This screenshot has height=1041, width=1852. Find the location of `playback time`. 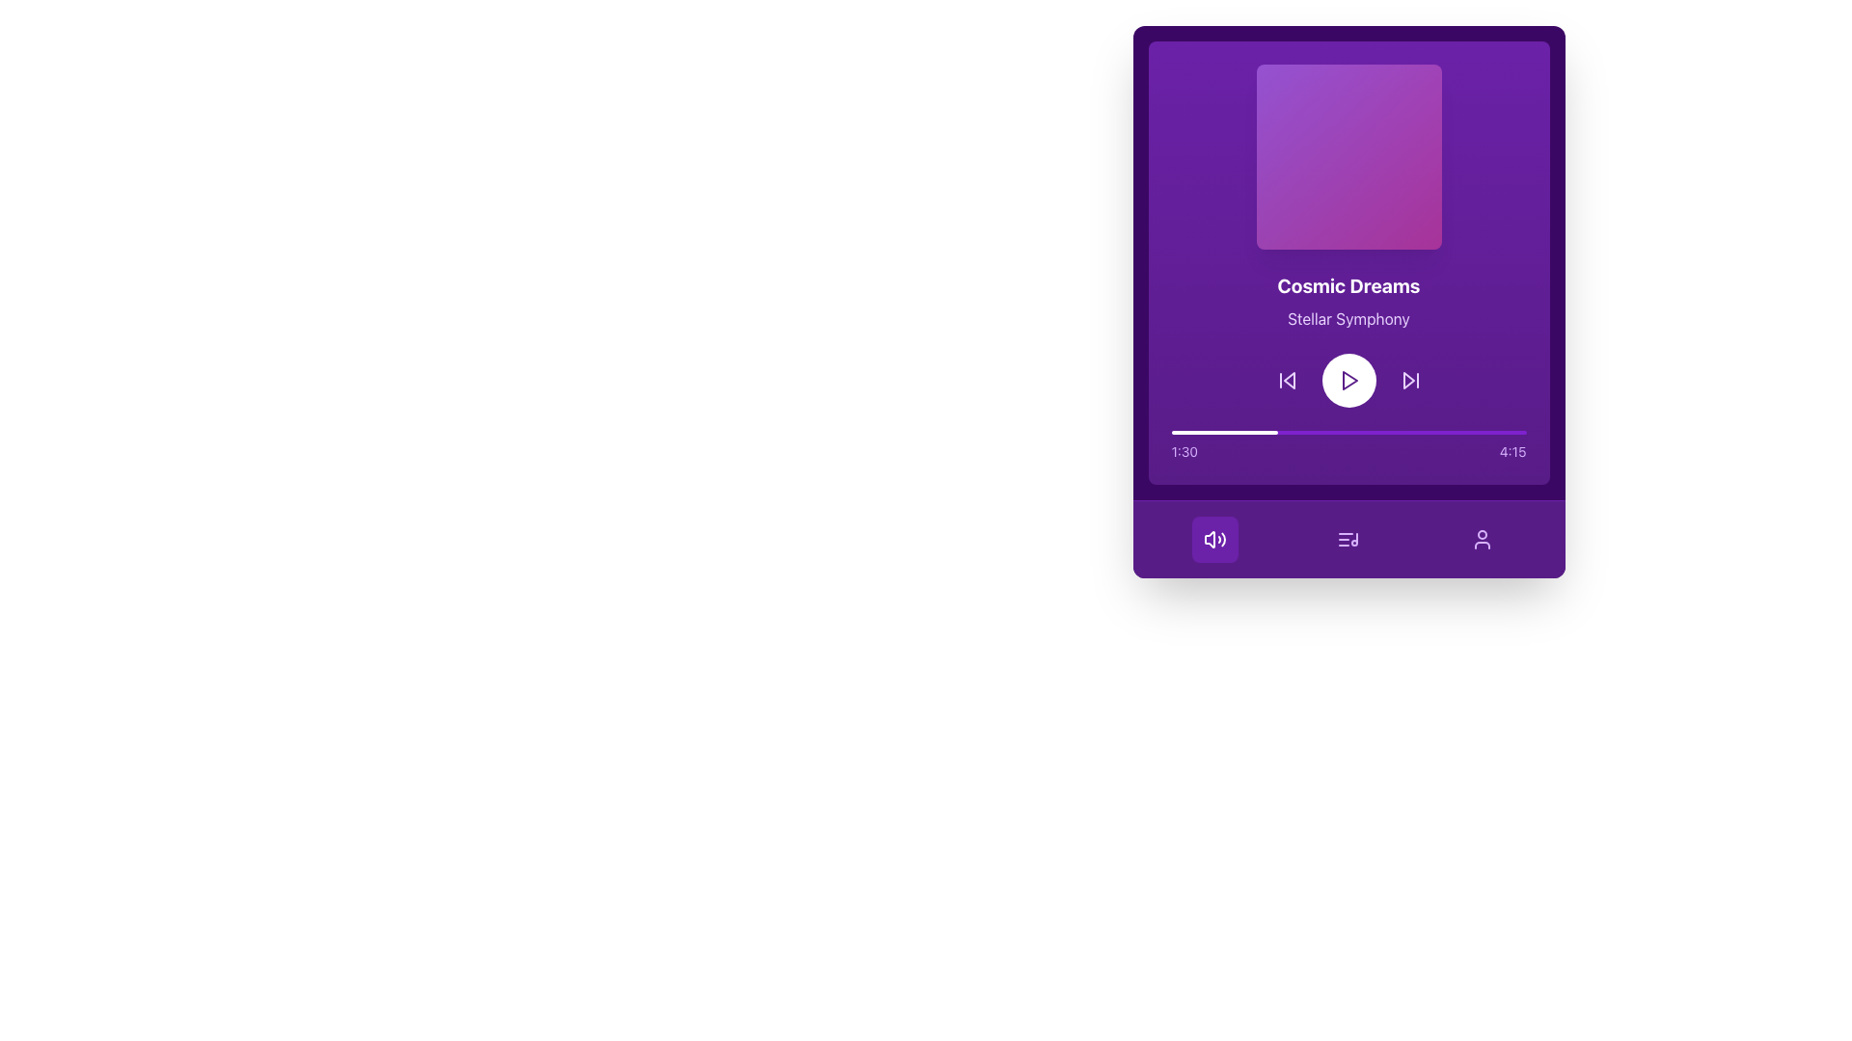

playback time is located at coordinates (1228, 431).